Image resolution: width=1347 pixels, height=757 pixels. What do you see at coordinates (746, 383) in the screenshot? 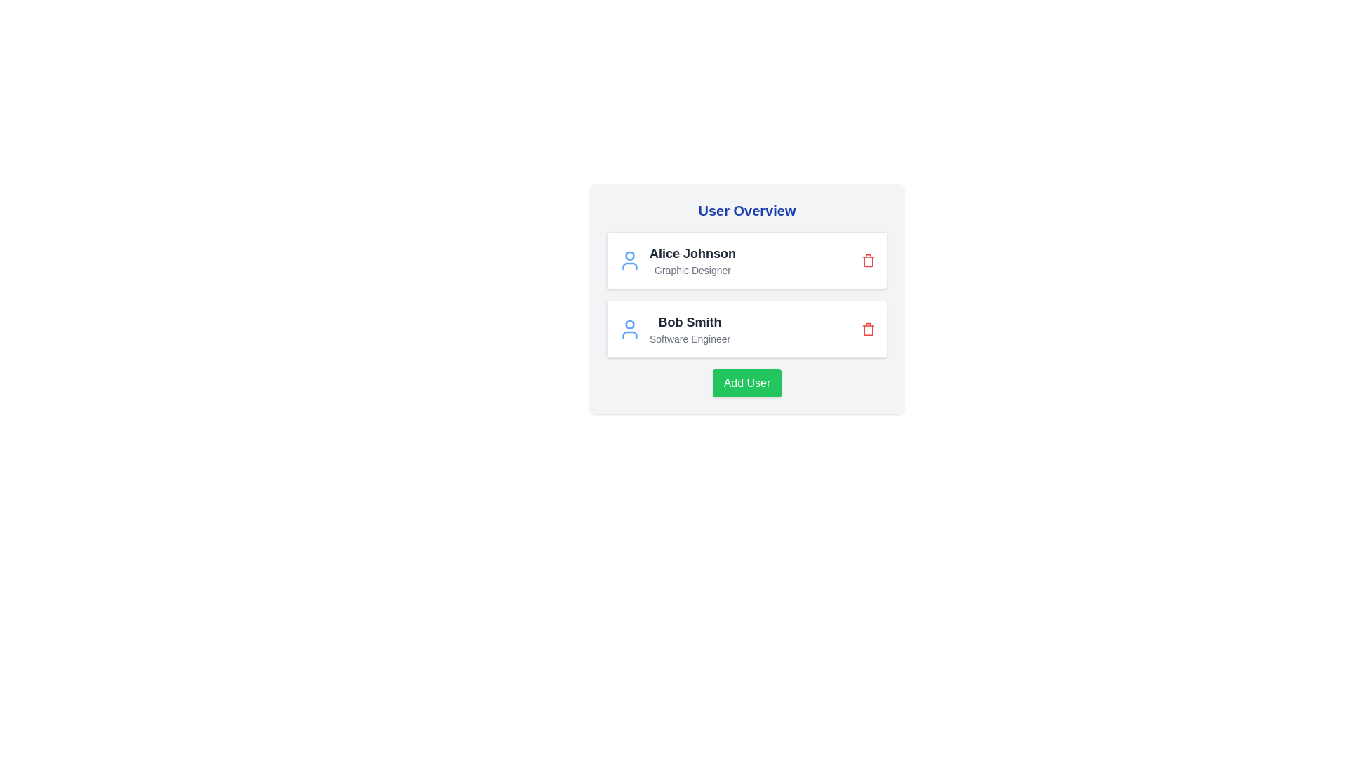
I see `'Add User' button to append a new user to the list` at bounding box center [746, 383].